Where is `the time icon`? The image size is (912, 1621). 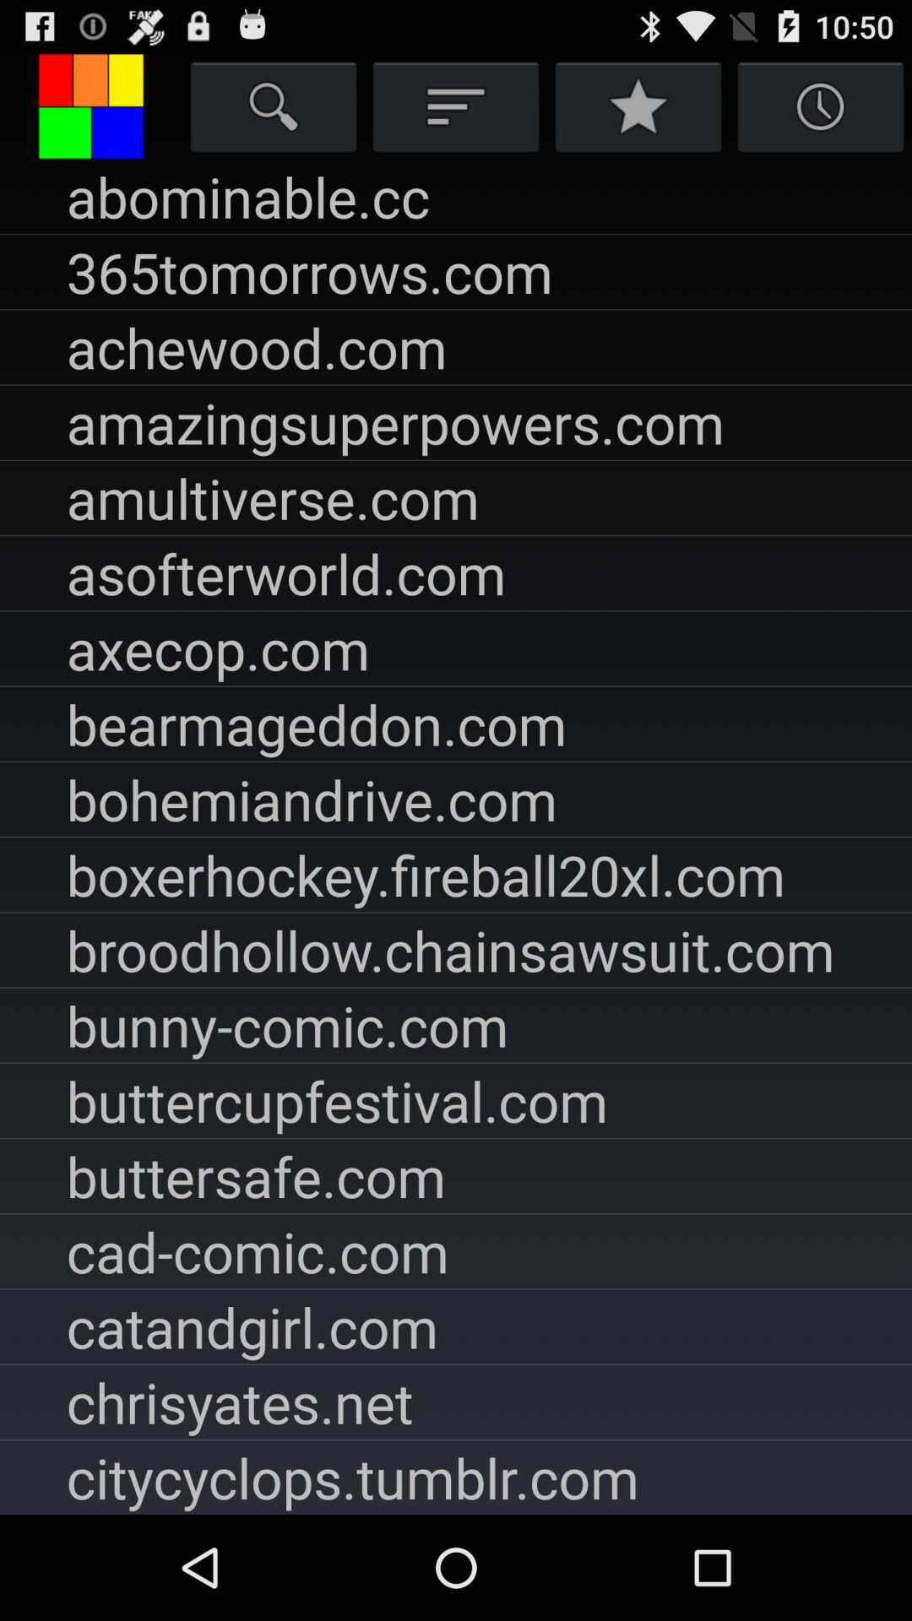
the time icon is located at coordinates (820, 112).